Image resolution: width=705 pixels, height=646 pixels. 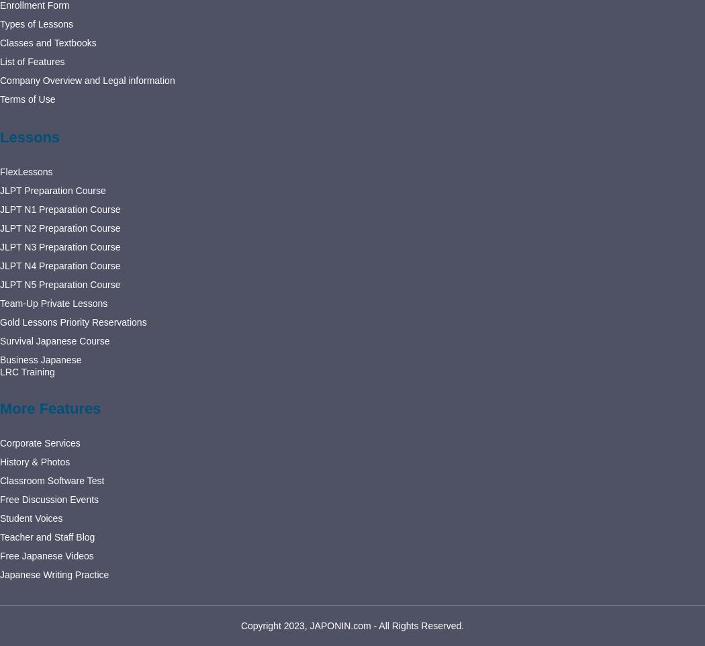 I want to click on 'JLPT N5 Preparation Course', so click(x=60, y=283).